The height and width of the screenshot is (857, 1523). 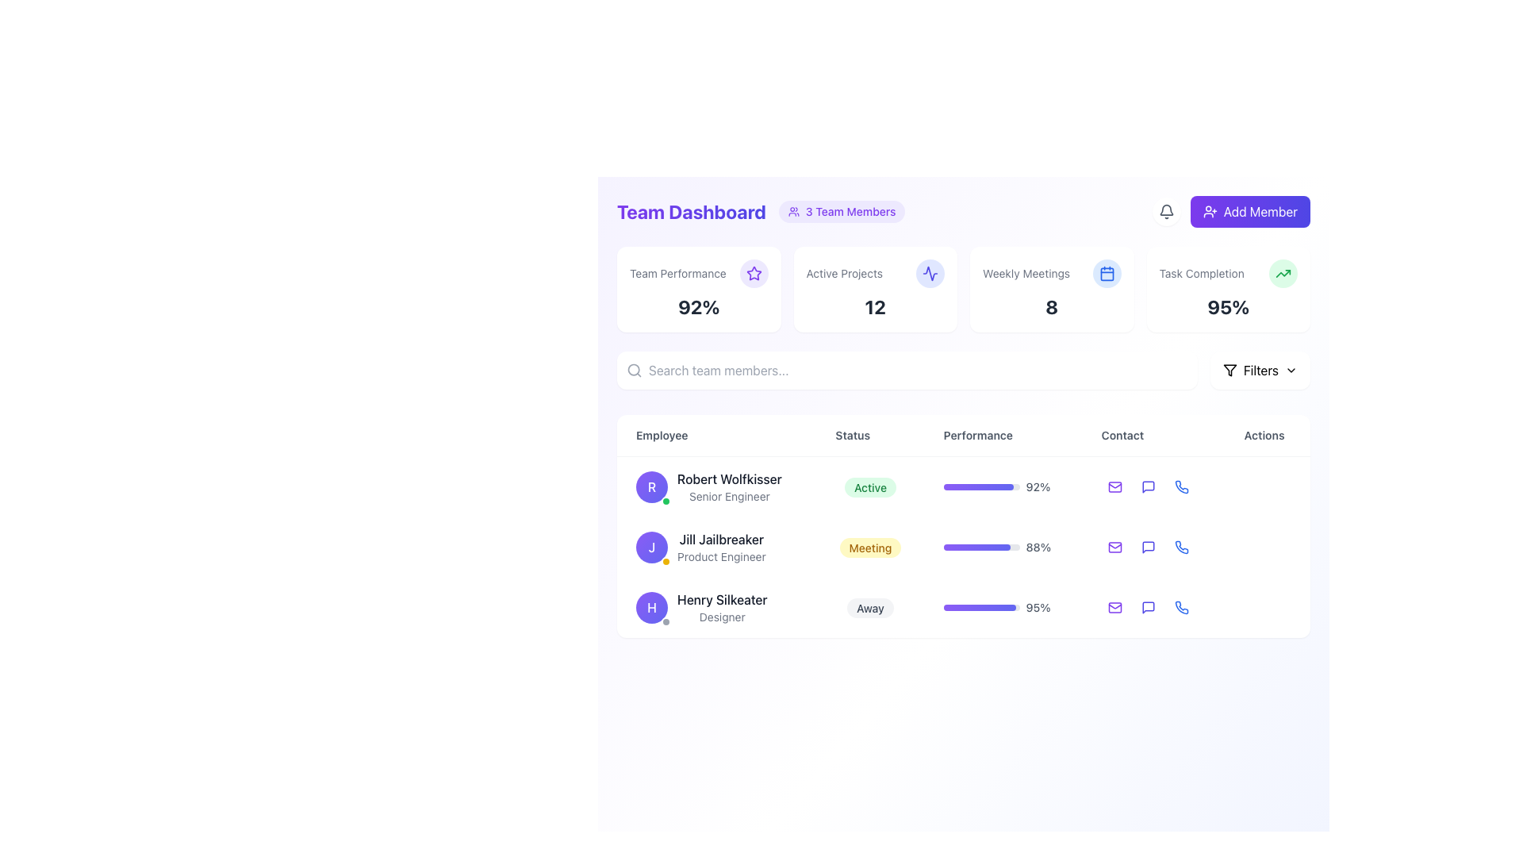 What do you see at coordinates (1267, 486) in the screenshot?
I see `the Ellipsis menu button, which consists of three horizontally aligned dots, located in the 'Actions' column for the row of 'Robert Wolfkisser'` at bounding box center [1267, 486].